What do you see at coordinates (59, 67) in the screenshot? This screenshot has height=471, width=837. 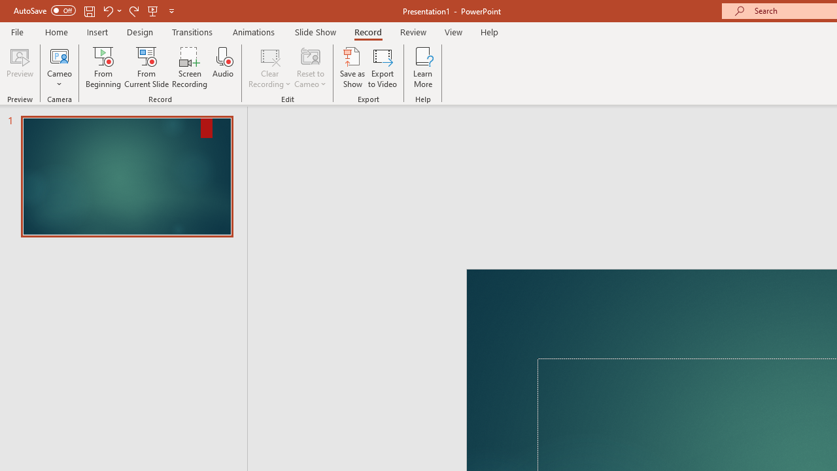 I see `'Cameo'` at bounding box center [59, 67].